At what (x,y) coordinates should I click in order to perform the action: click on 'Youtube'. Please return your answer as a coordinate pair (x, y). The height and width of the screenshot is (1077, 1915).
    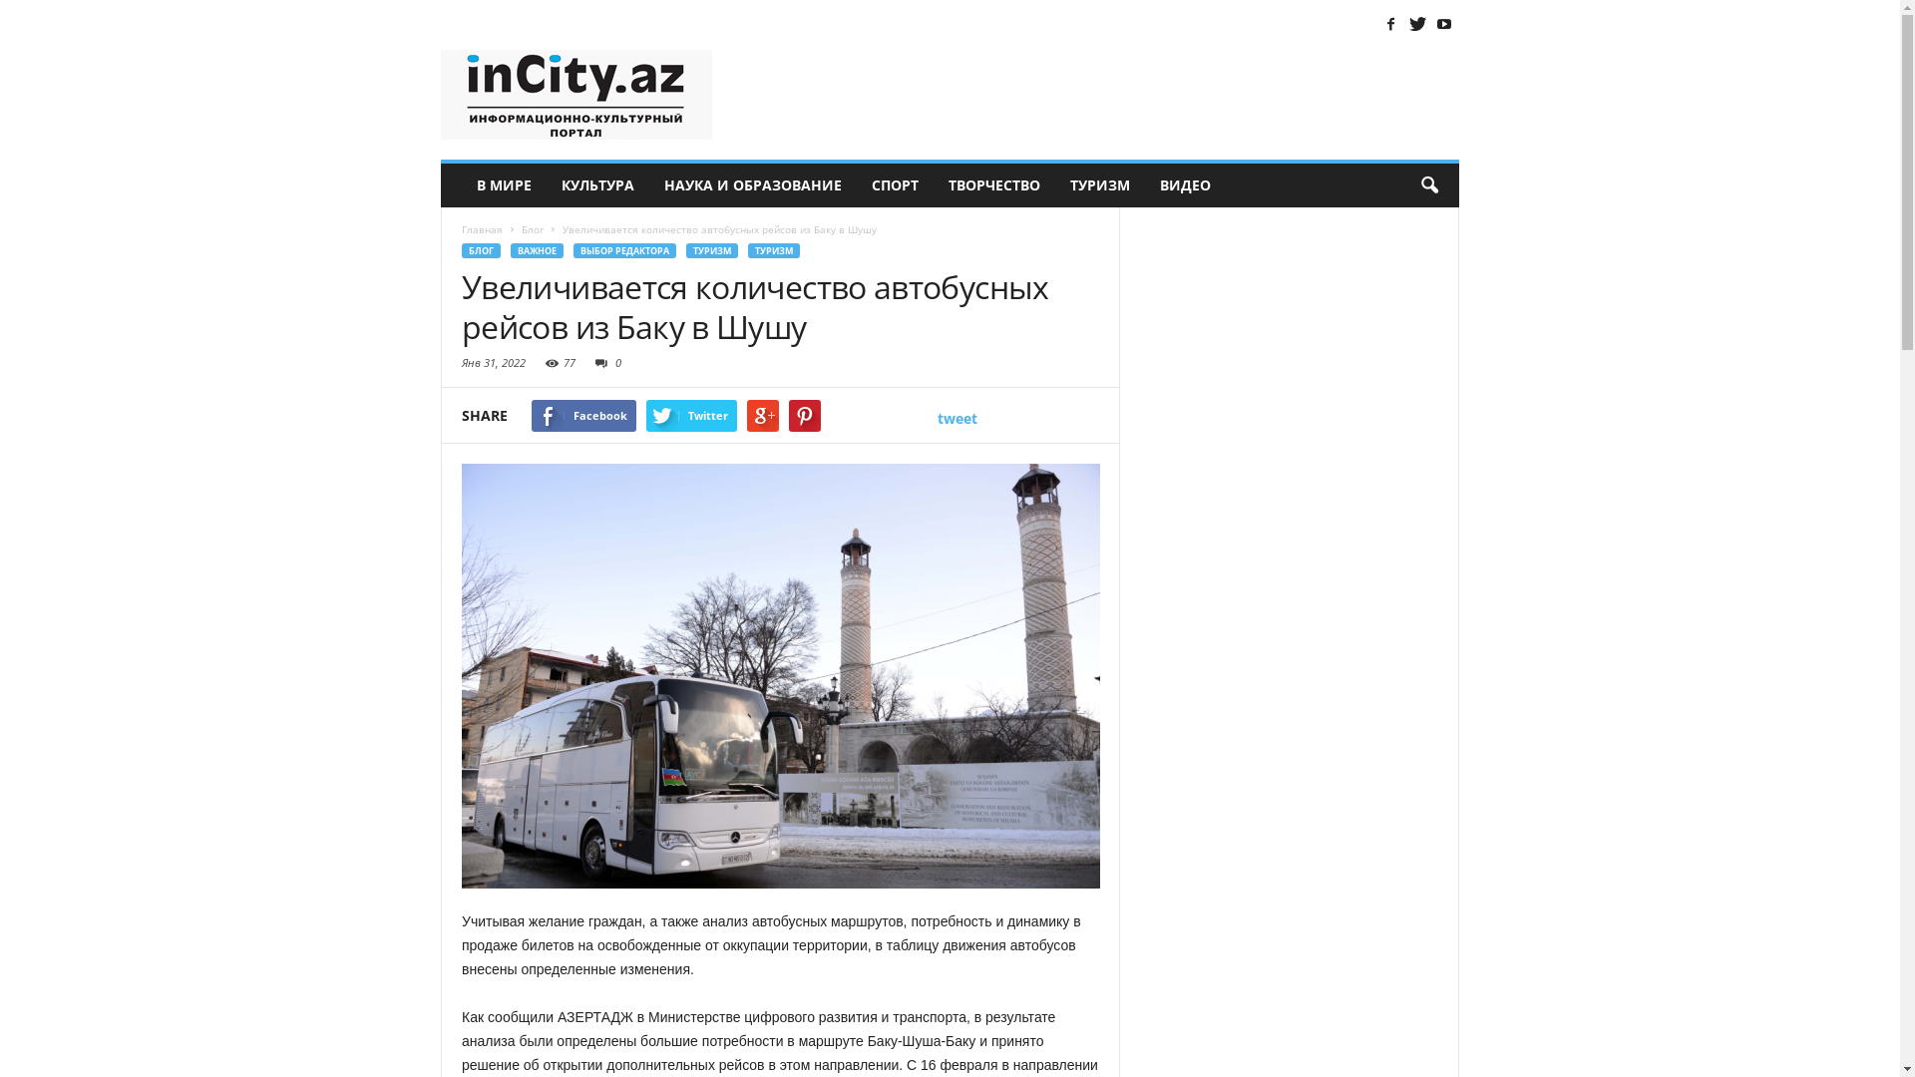
    Looking at the image, I should click on (1444, 23).